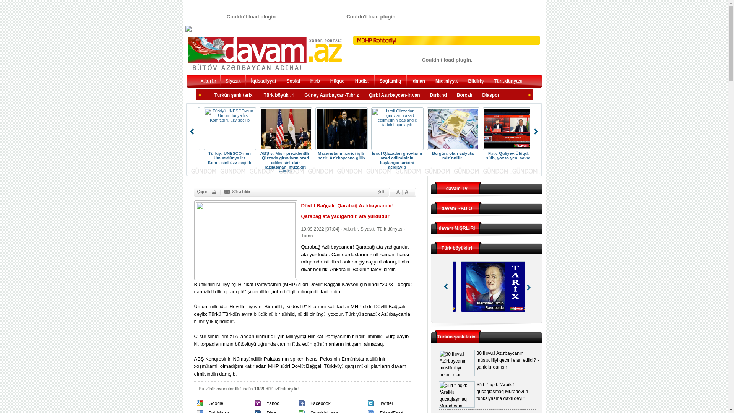 The width and height of the screenshot is (734, 413). Describe the element at coordinates (292, 82) in the screenshot. I see `'Sosial'` at that location.